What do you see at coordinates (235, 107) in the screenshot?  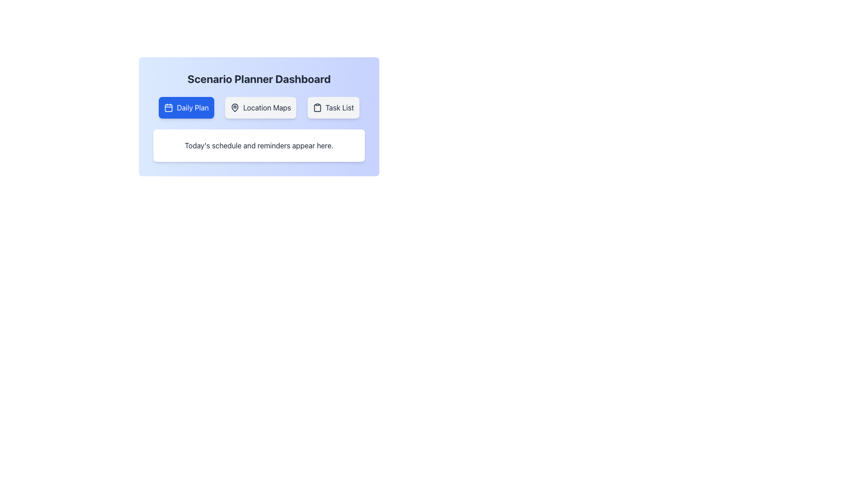 I see `the SVG graphic icon representing the 'Location Maps' functionality, positioned within the 'Location Maps' button on the dashboard` at bounding box center [235, 107].